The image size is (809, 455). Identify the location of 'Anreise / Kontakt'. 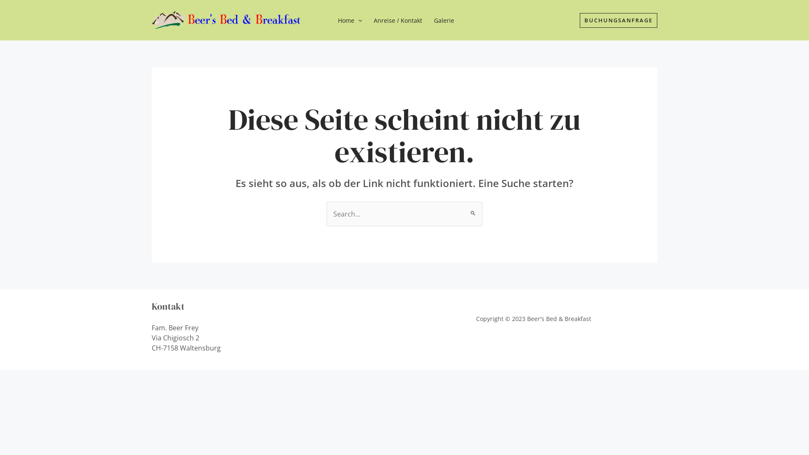
(368, 20).